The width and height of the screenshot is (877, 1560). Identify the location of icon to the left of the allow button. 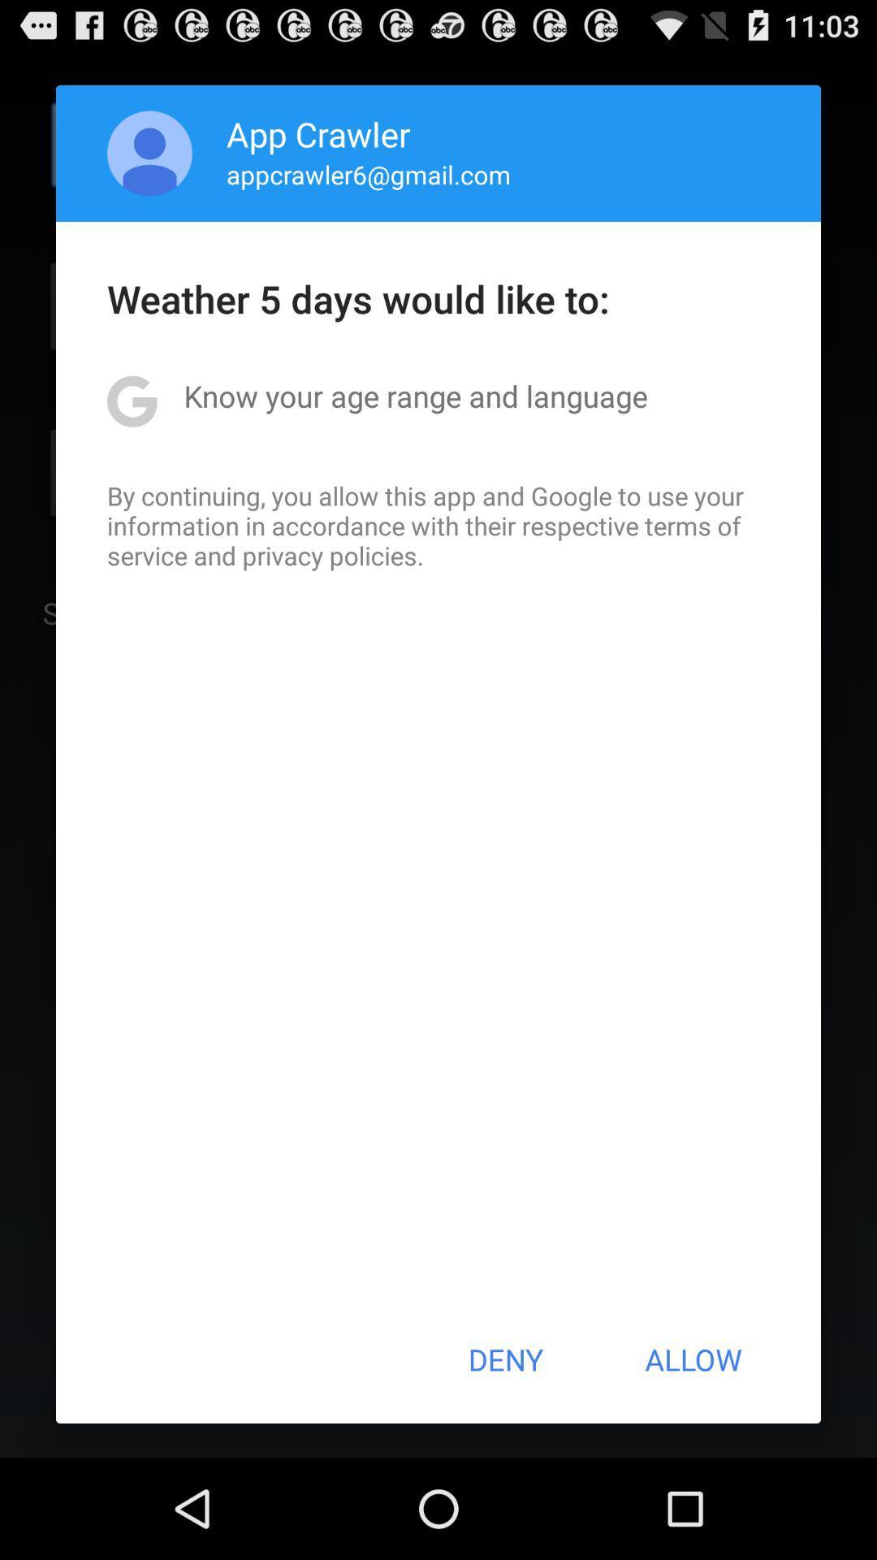
(504, 1359).